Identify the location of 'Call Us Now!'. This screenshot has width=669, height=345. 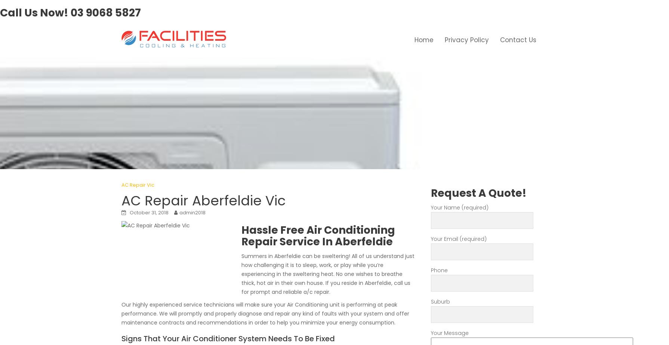
(35, 13).